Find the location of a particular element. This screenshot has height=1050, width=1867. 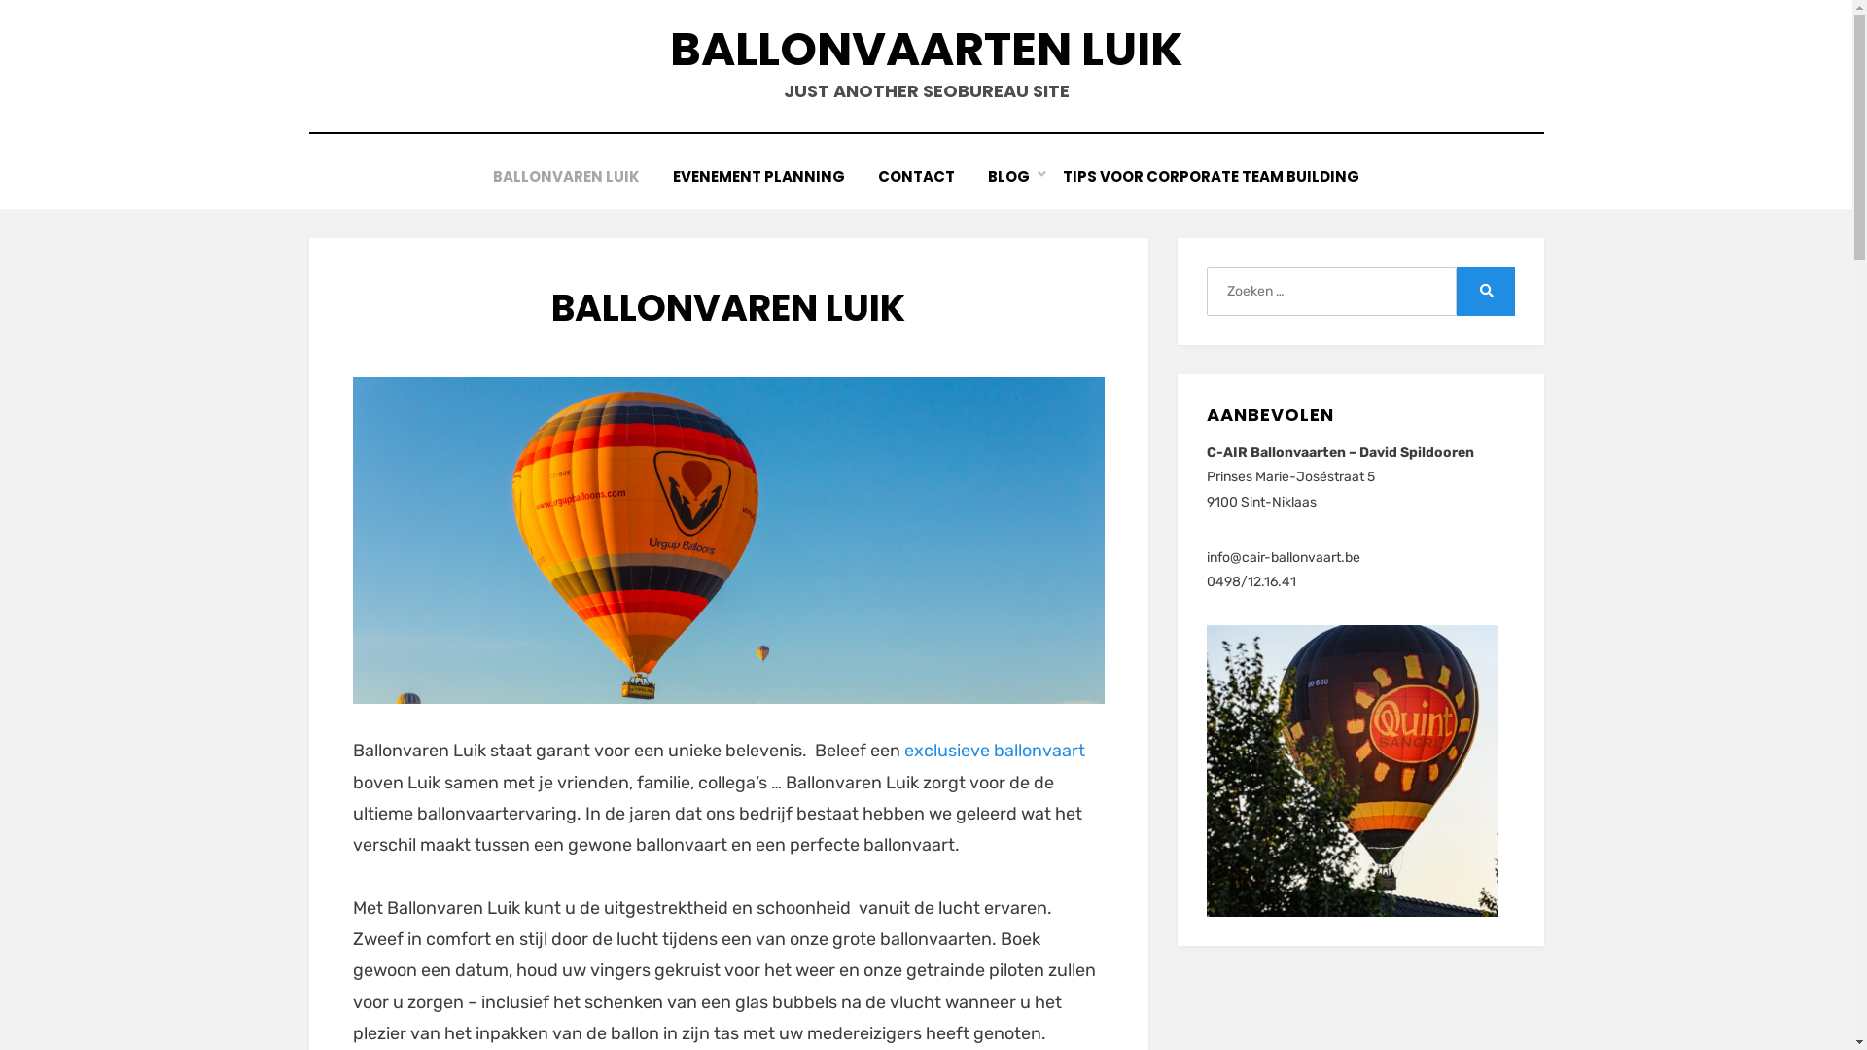

'Zoeken' is located at coordinates (1484, 292).